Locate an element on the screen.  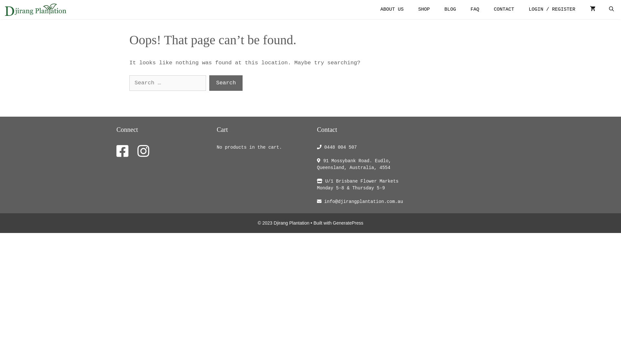
'Search for:' is located at coordinates (168, 83).